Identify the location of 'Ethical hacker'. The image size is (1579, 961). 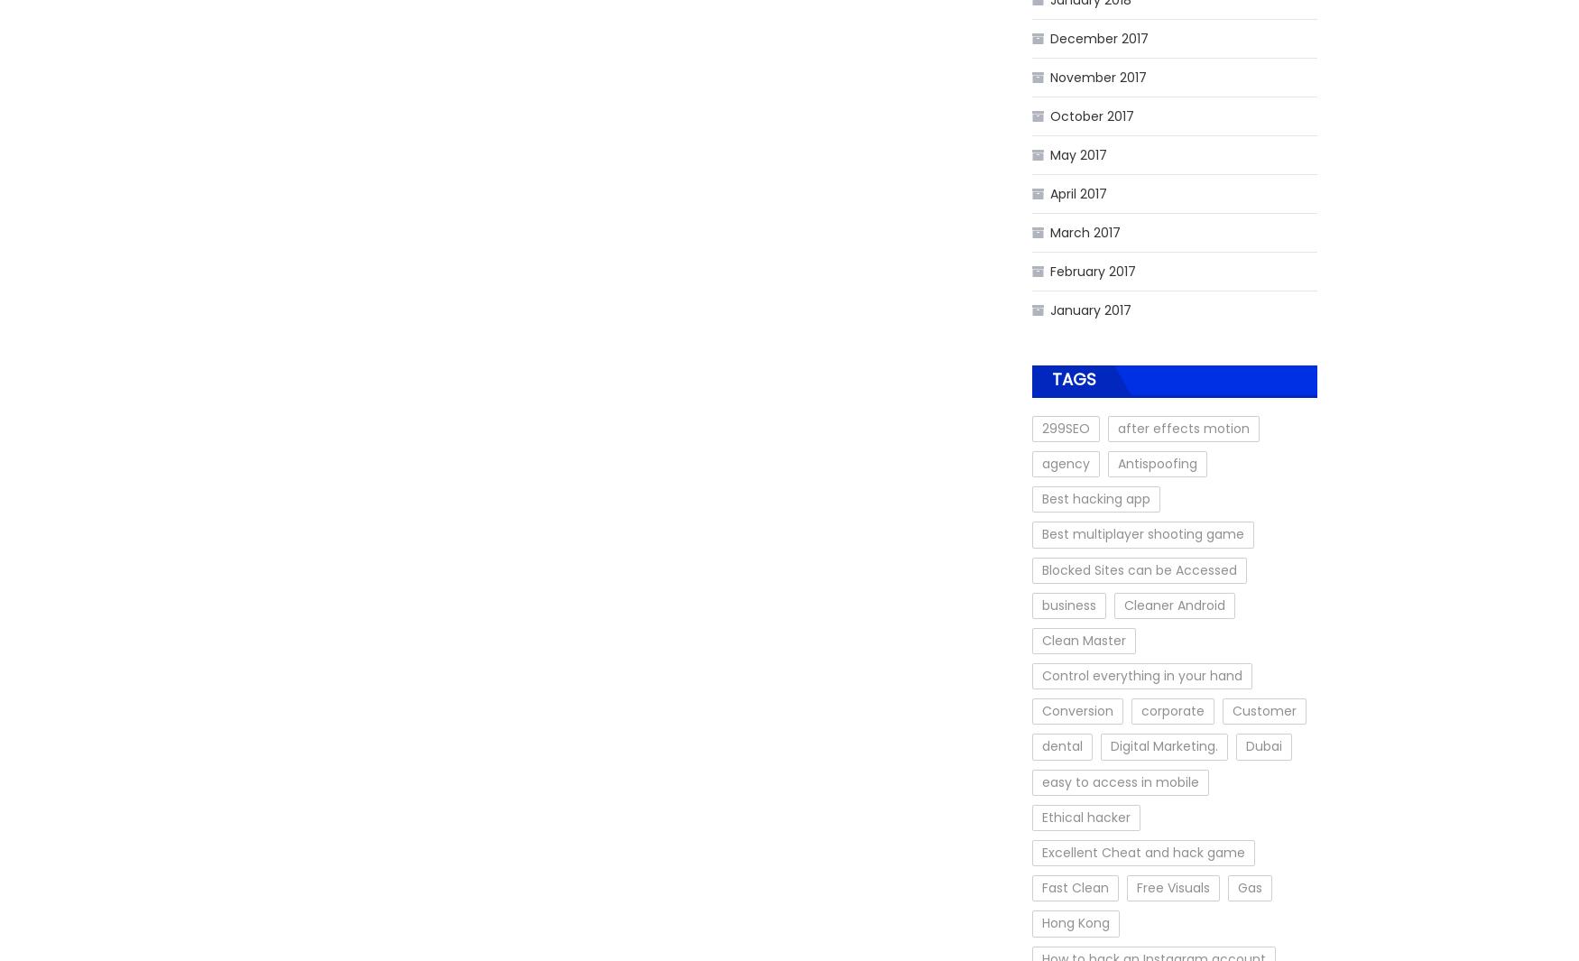
(1086, 817).